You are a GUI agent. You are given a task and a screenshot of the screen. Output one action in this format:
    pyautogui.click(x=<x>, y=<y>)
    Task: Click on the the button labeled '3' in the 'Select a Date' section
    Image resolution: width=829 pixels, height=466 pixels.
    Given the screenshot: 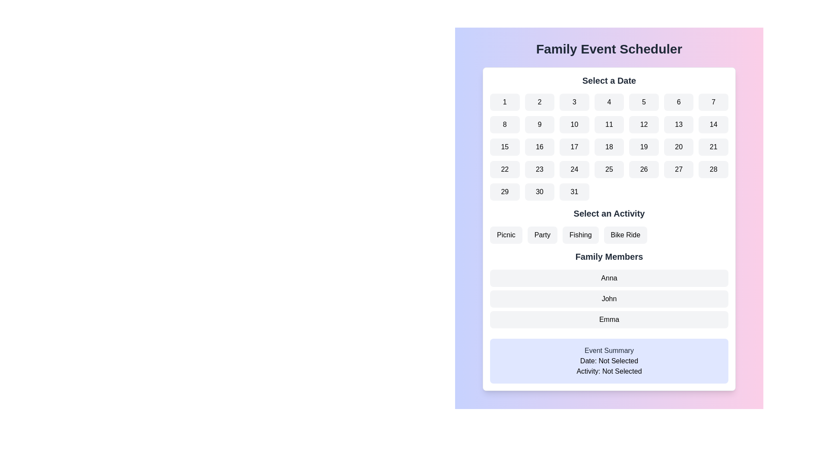 What is the action you would take?
    pyautogui.click(x=574, y=101)
    